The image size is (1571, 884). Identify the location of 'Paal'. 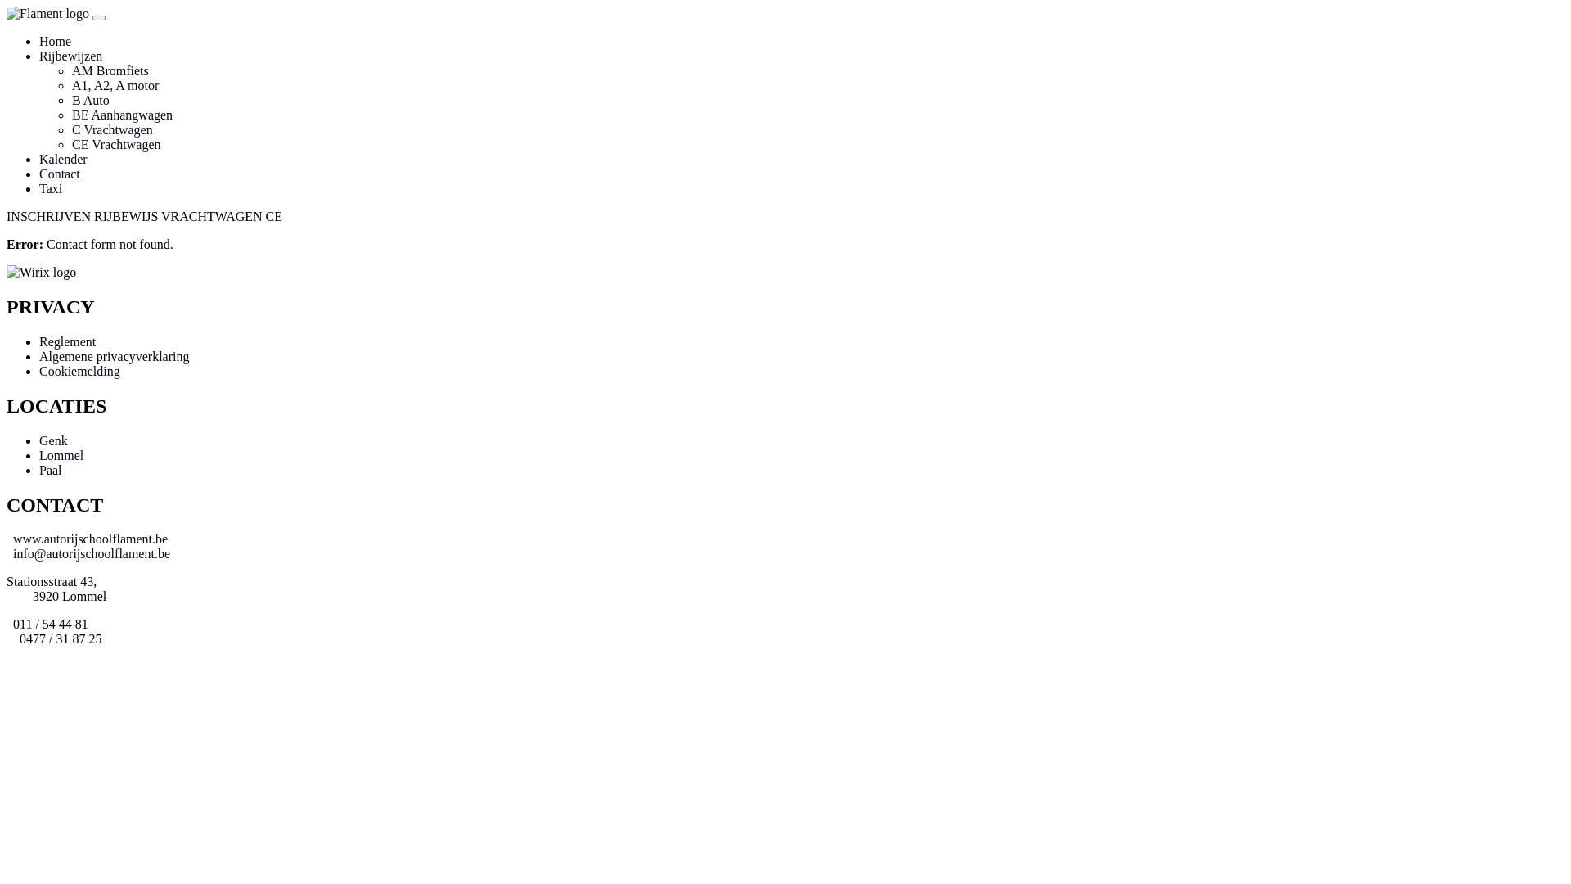
(39, 470).